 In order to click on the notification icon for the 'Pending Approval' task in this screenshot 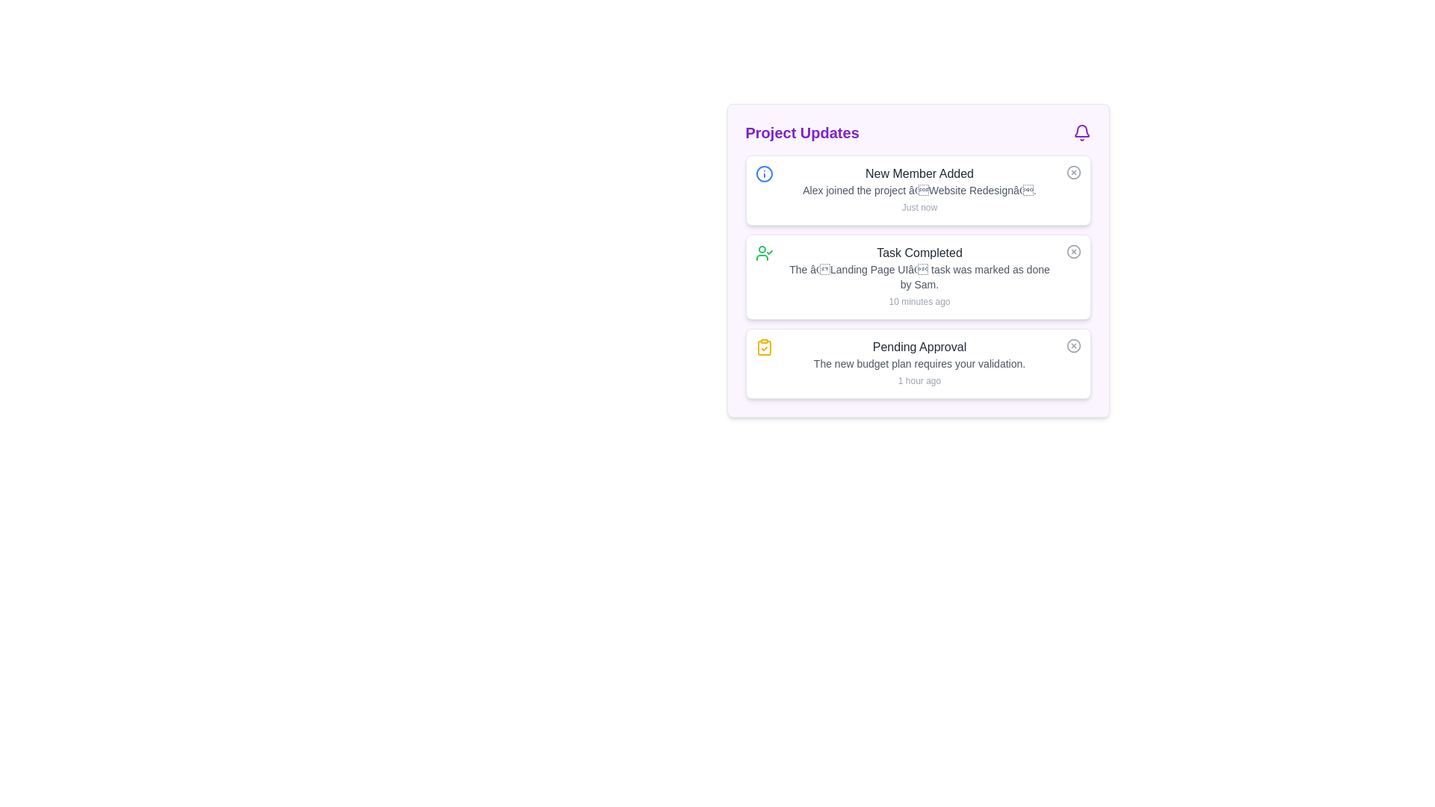, I will do `click(764, 347)`.